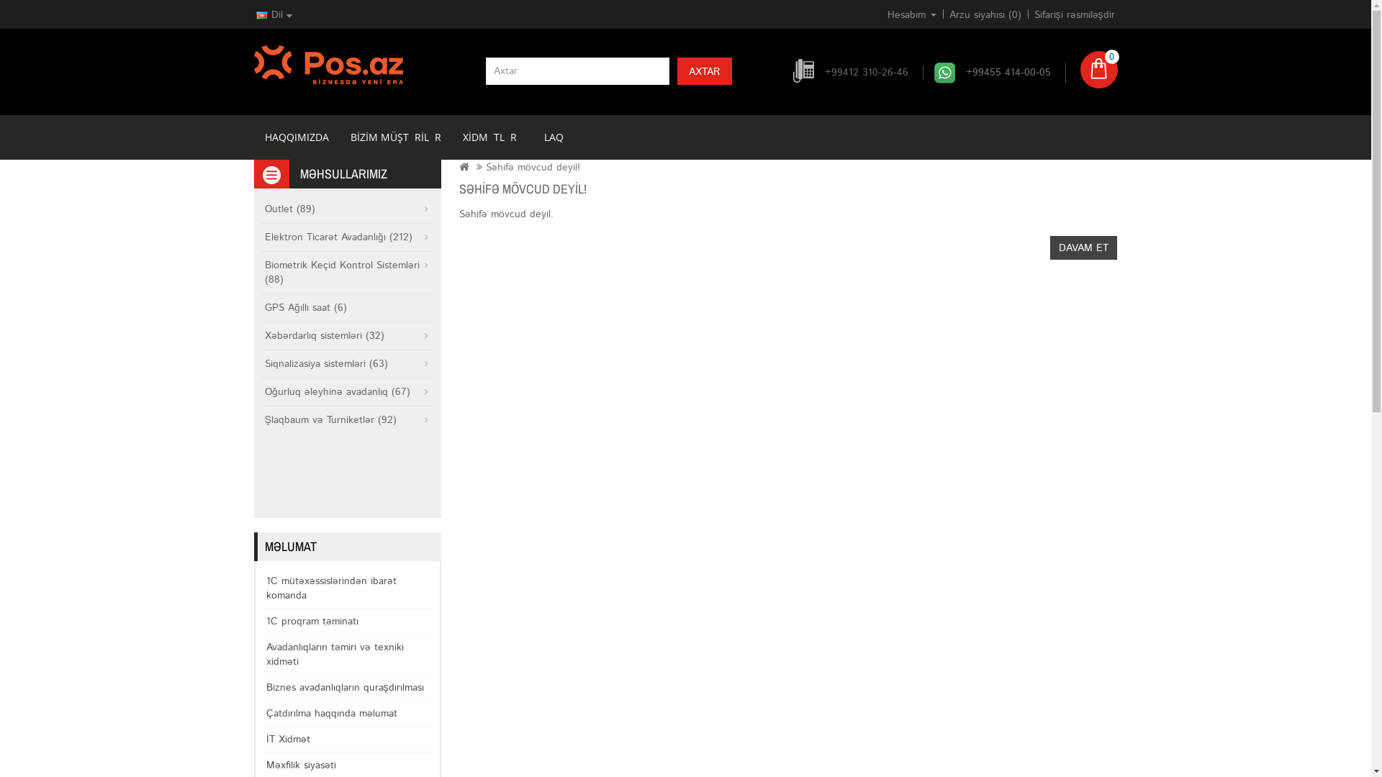 This screenshot has height=777, width=1382. I want to click on 'POS.AZ', so click(327, 63).